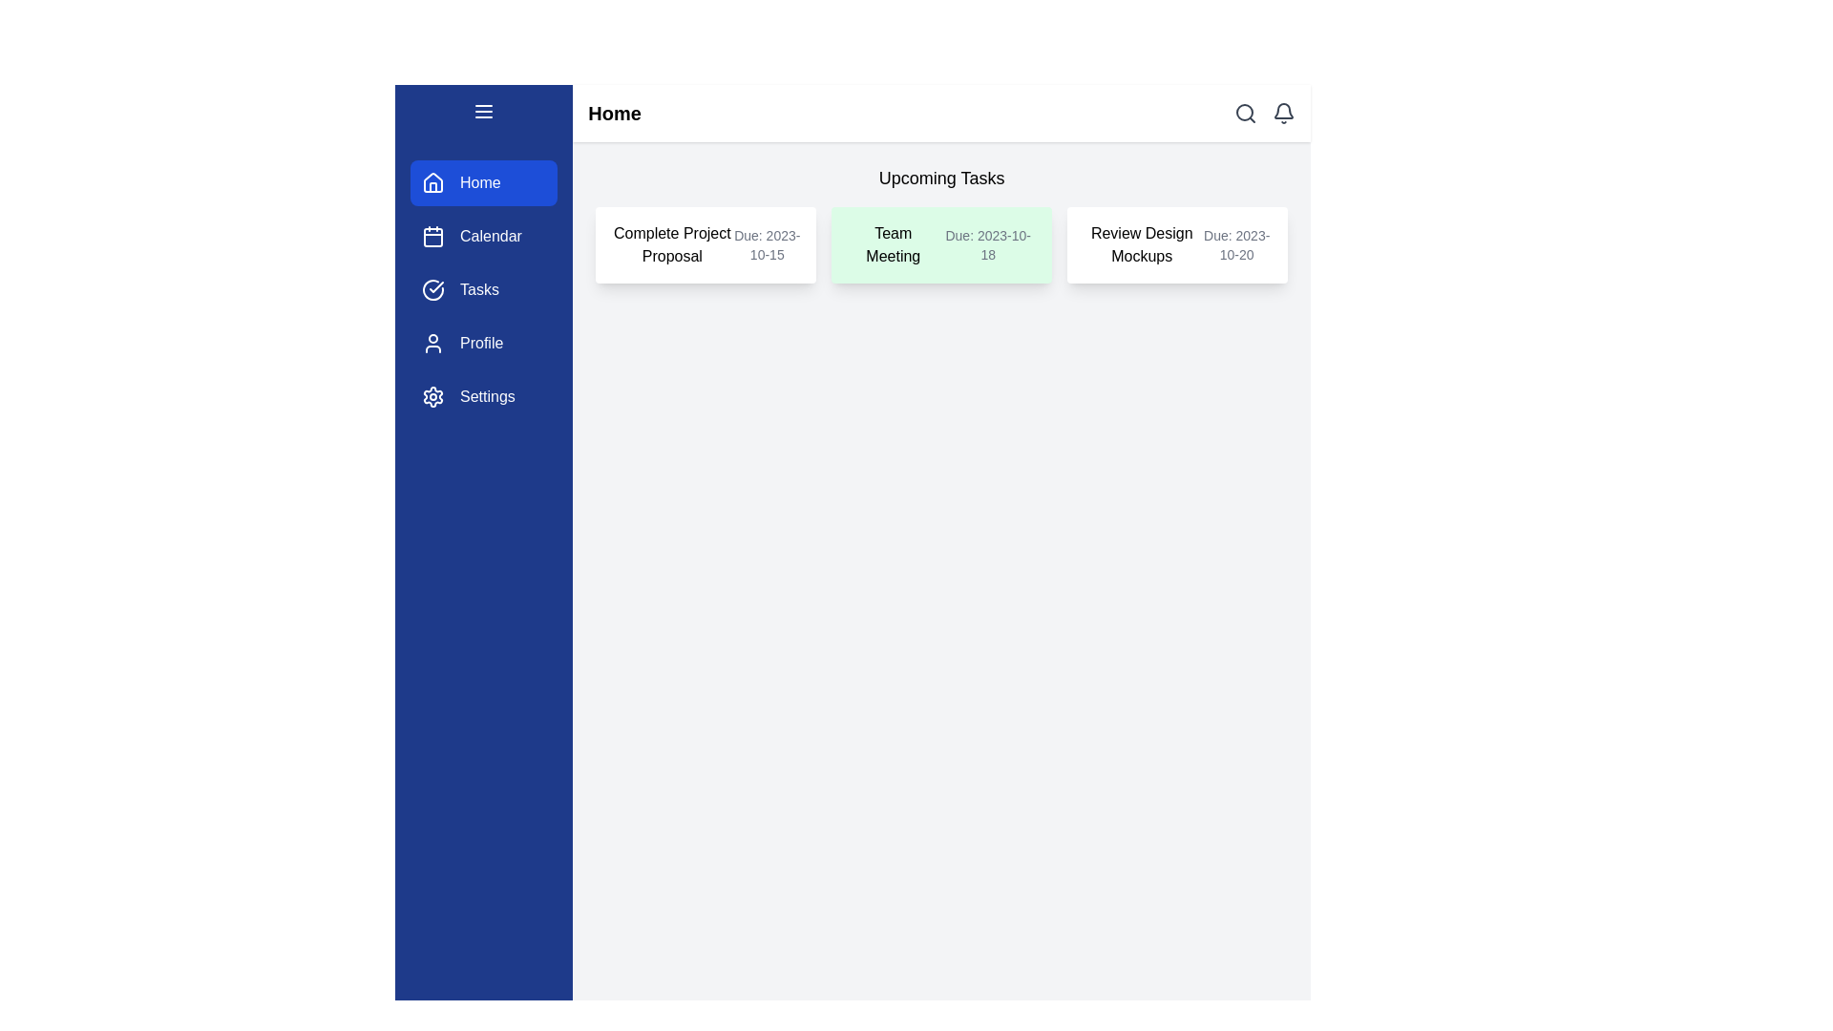  What do you see at coordinates (484, 396) in the screenshot?
I see `the 'Settings' navigation button located at the bottom of the vertical menu, which is the fifth item following 'Home', 'Calendar', 'Tasks', and 'Profile', to change its background color` at bounding box center [484, 396].